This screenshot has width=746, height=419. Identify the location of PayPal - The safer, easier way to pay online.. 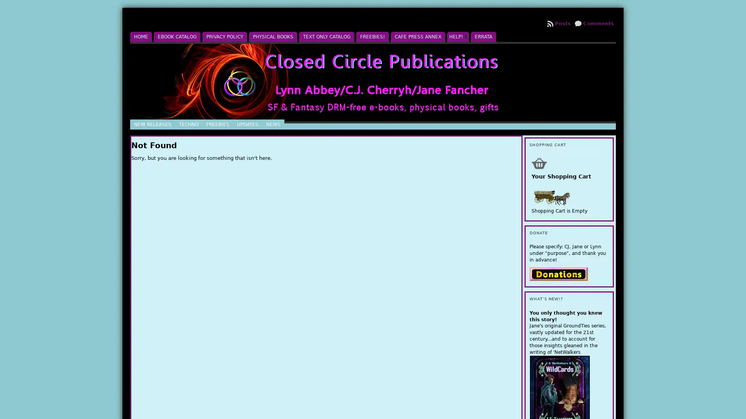
(558, 273).